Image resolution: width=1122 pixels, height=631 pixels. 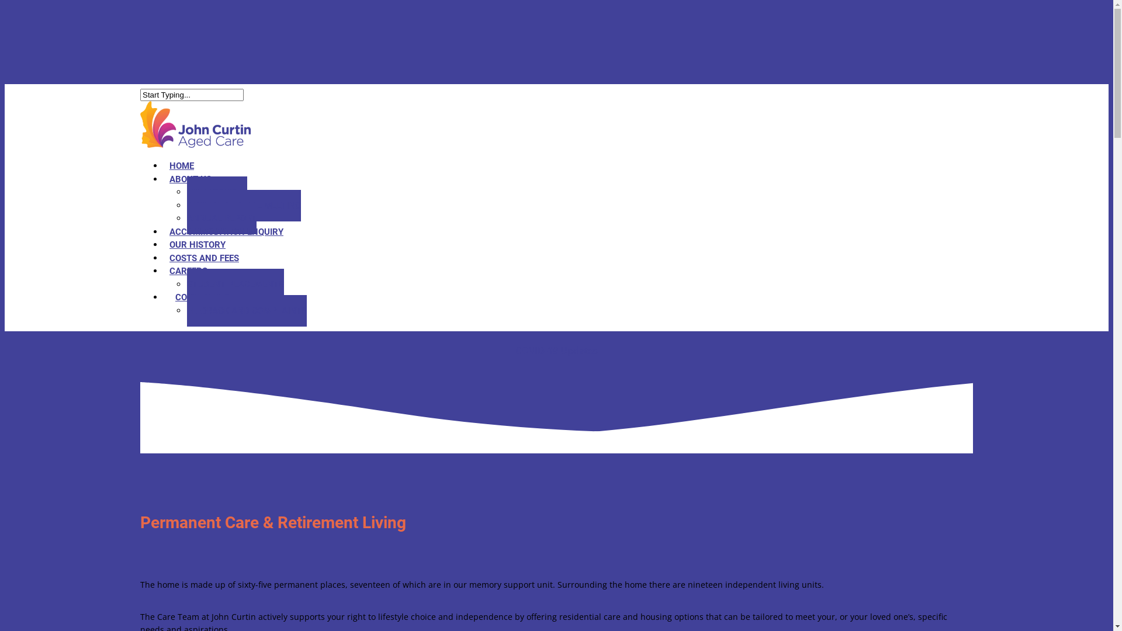 What do you see at coordinates (246, 310) in the screenshot?
I see `'FEEDBACK AND COMPLAINTS'` at bounding box center [246, 310].